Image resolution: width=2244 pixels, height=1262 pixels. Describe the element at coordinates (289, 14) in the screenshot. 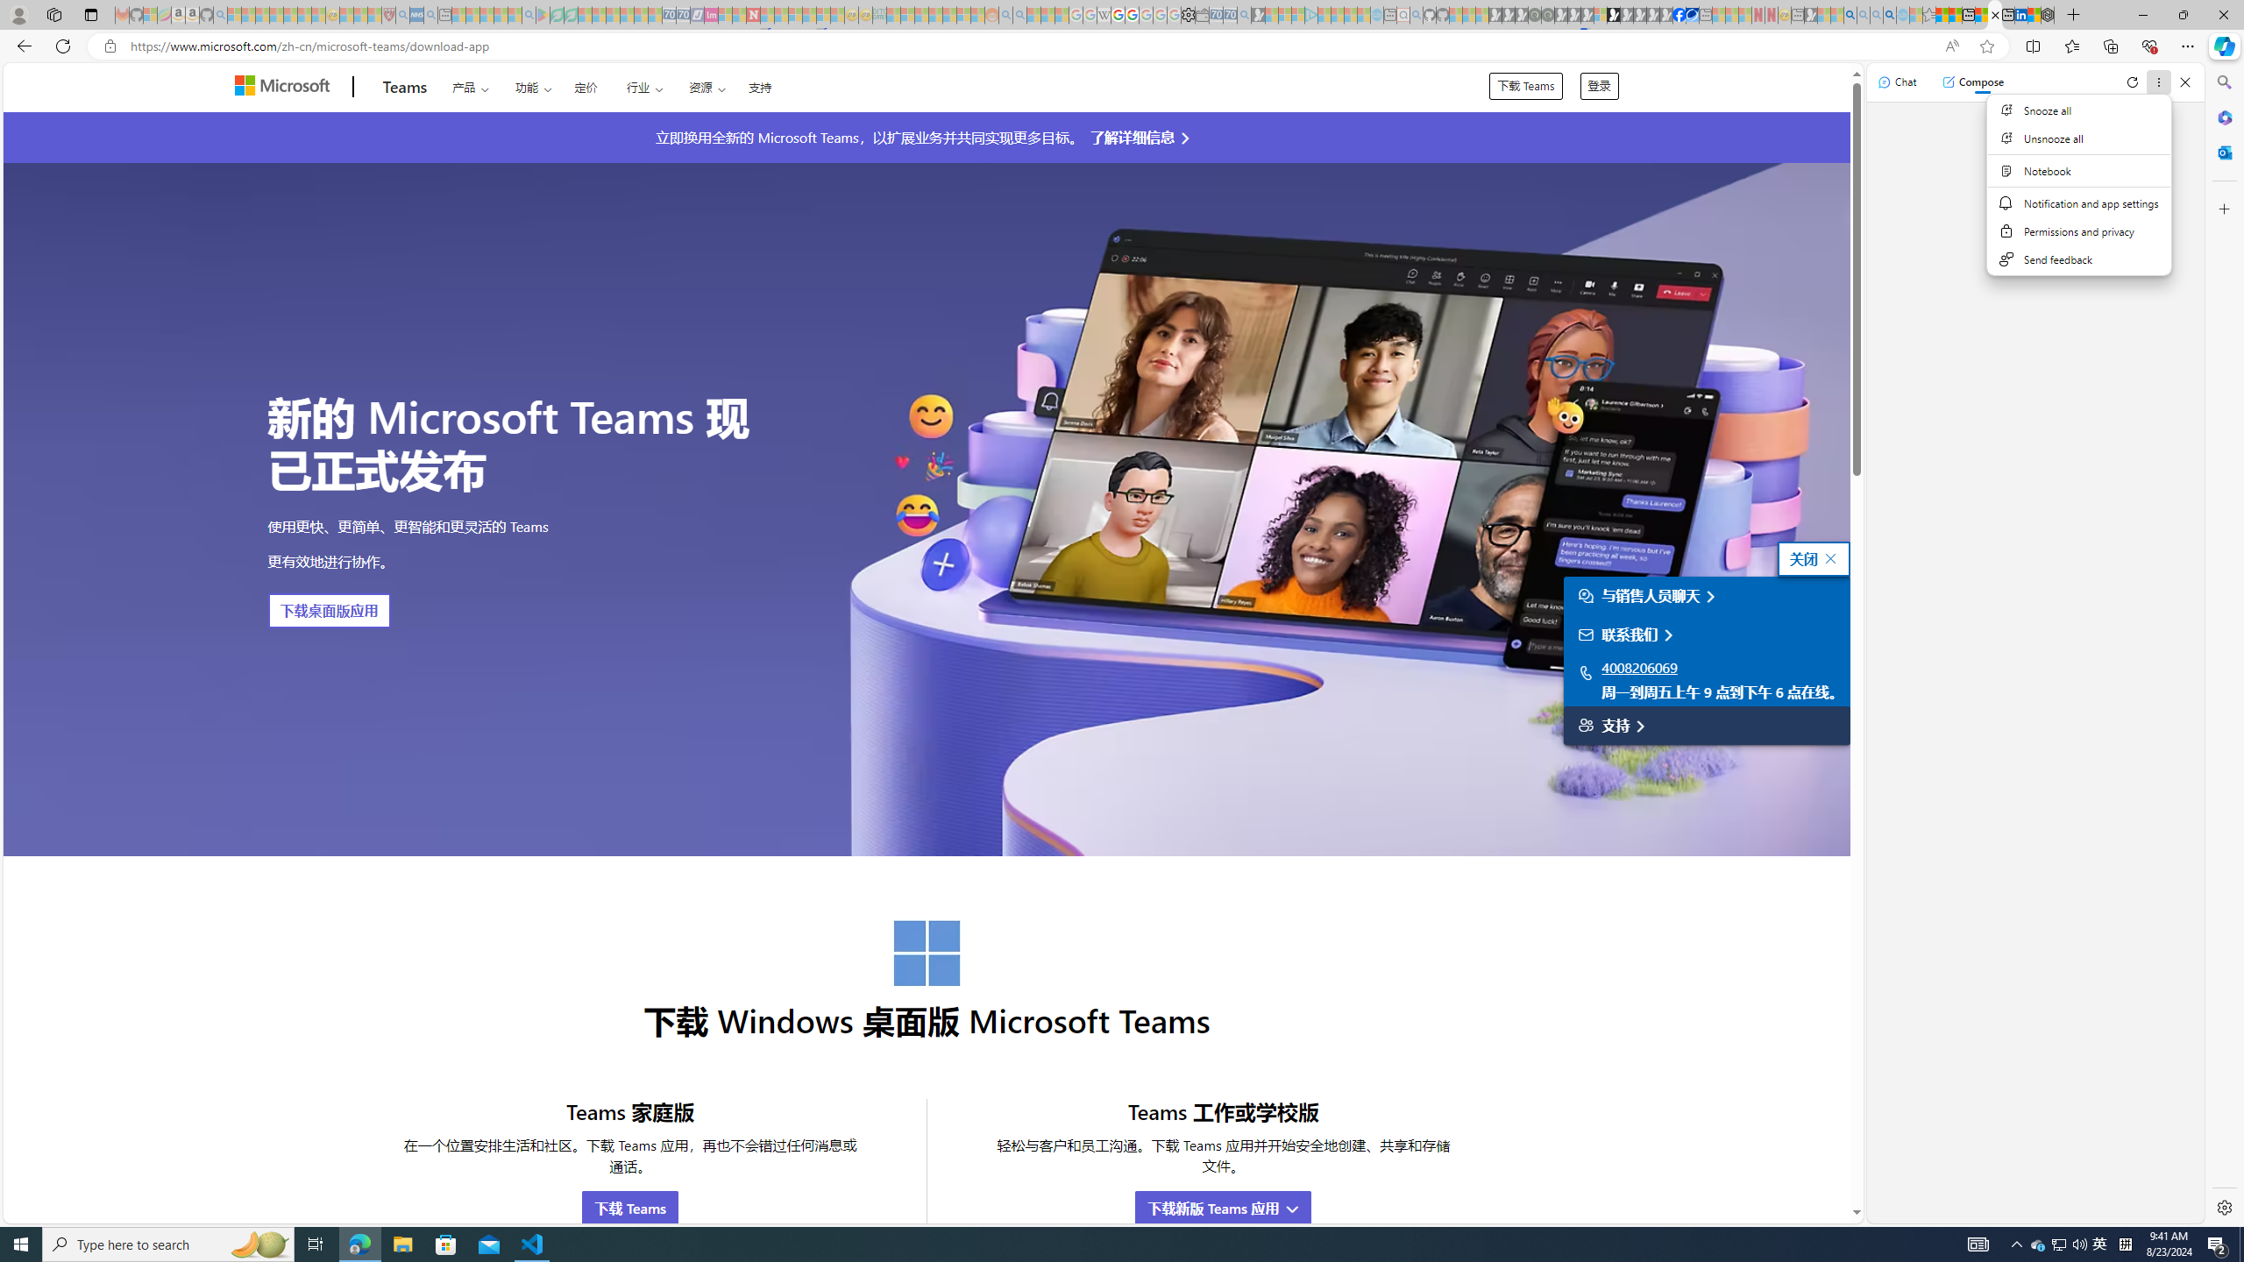

I see `'New Report Confirms 2023 Was Record Hot | Watch - Sleeping'` at that location.